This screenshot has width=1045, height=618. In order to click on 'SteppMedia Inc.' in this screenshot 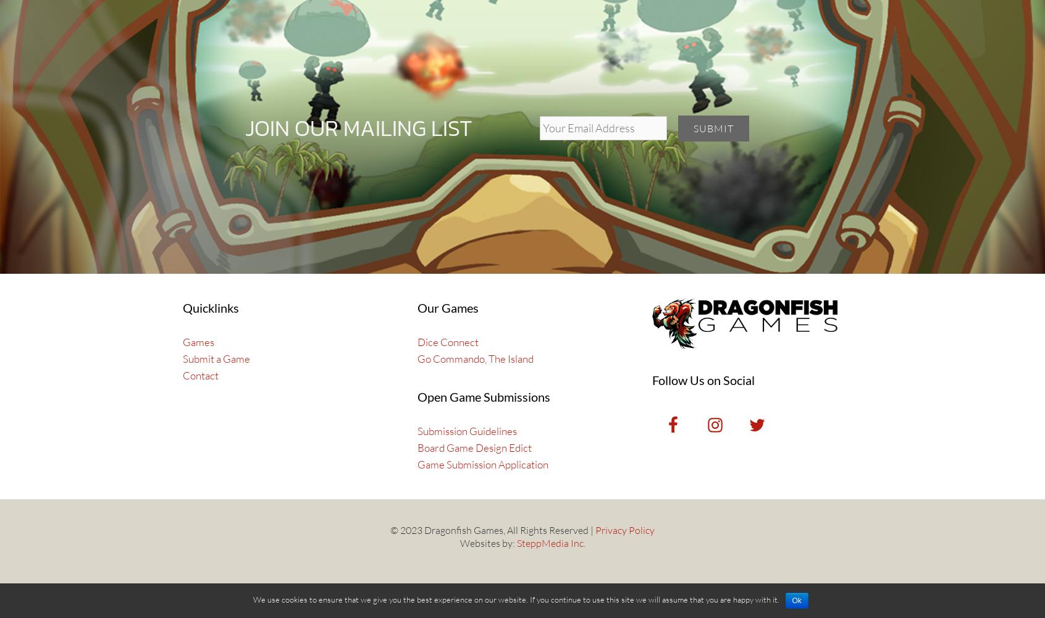, I will do `click(550, 543)`.